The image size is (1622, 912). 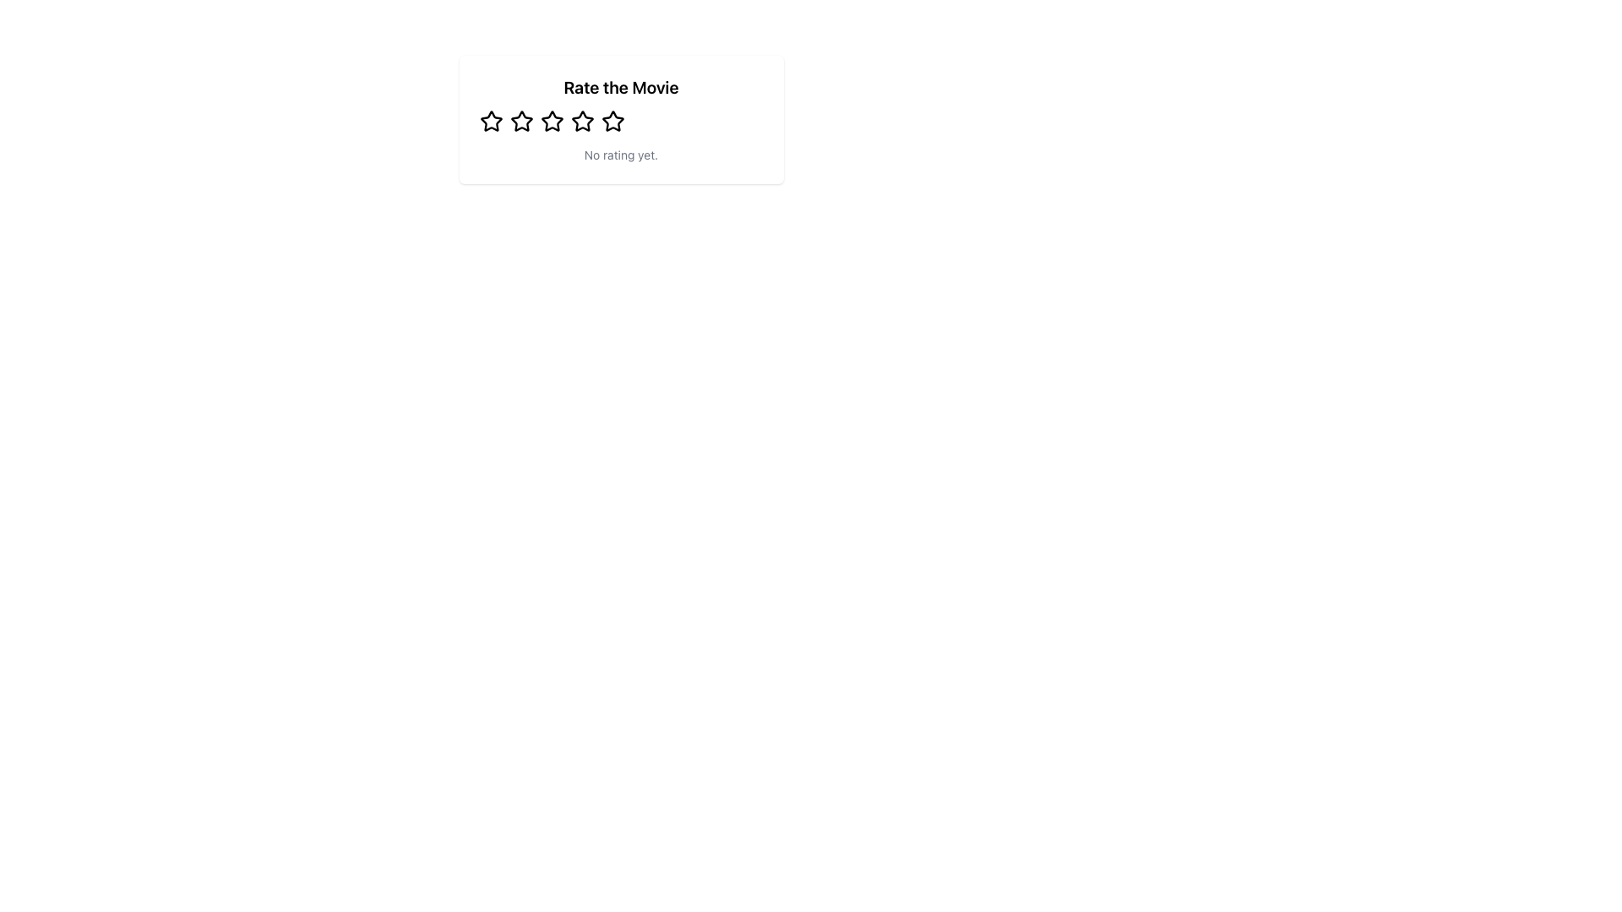 I want to click on the fourth star icon in the rating bar located below the 'Rate the Movie' title, so click(x=582, y=120).